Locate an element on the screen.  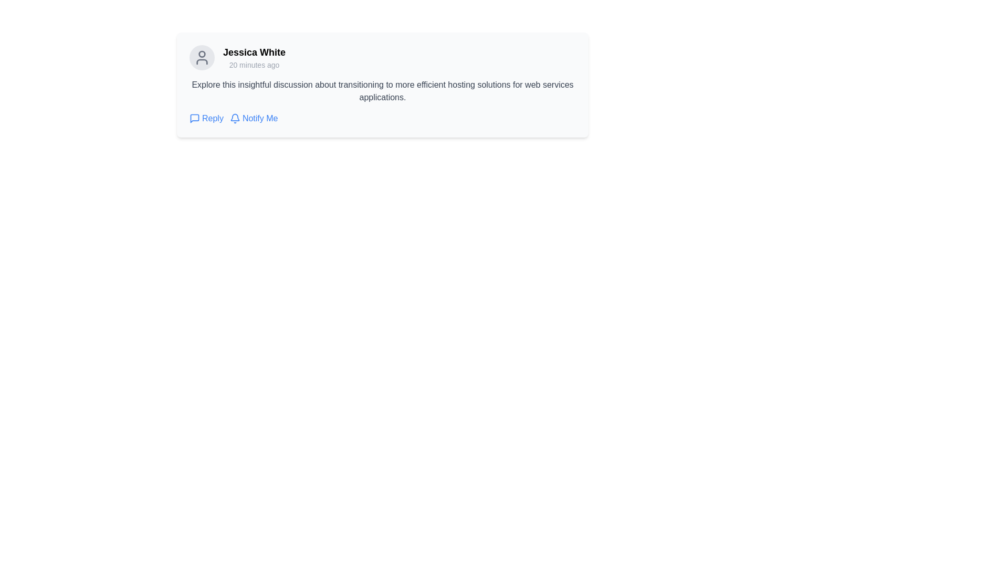
the blue 'Notify Me' button located to the right of the 'Reply' button is located at coordinates (254, 118).